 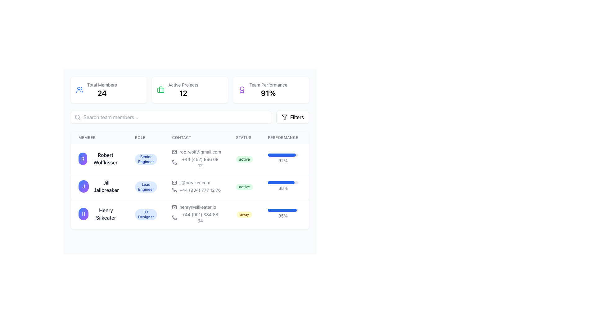 What do you see at coordinates (174, 217) in the screenshot?
I see `the phone icon in the 'Contact' column of the third row representing the user 'Henry Silkeater'` at bounding box center [174, 217].